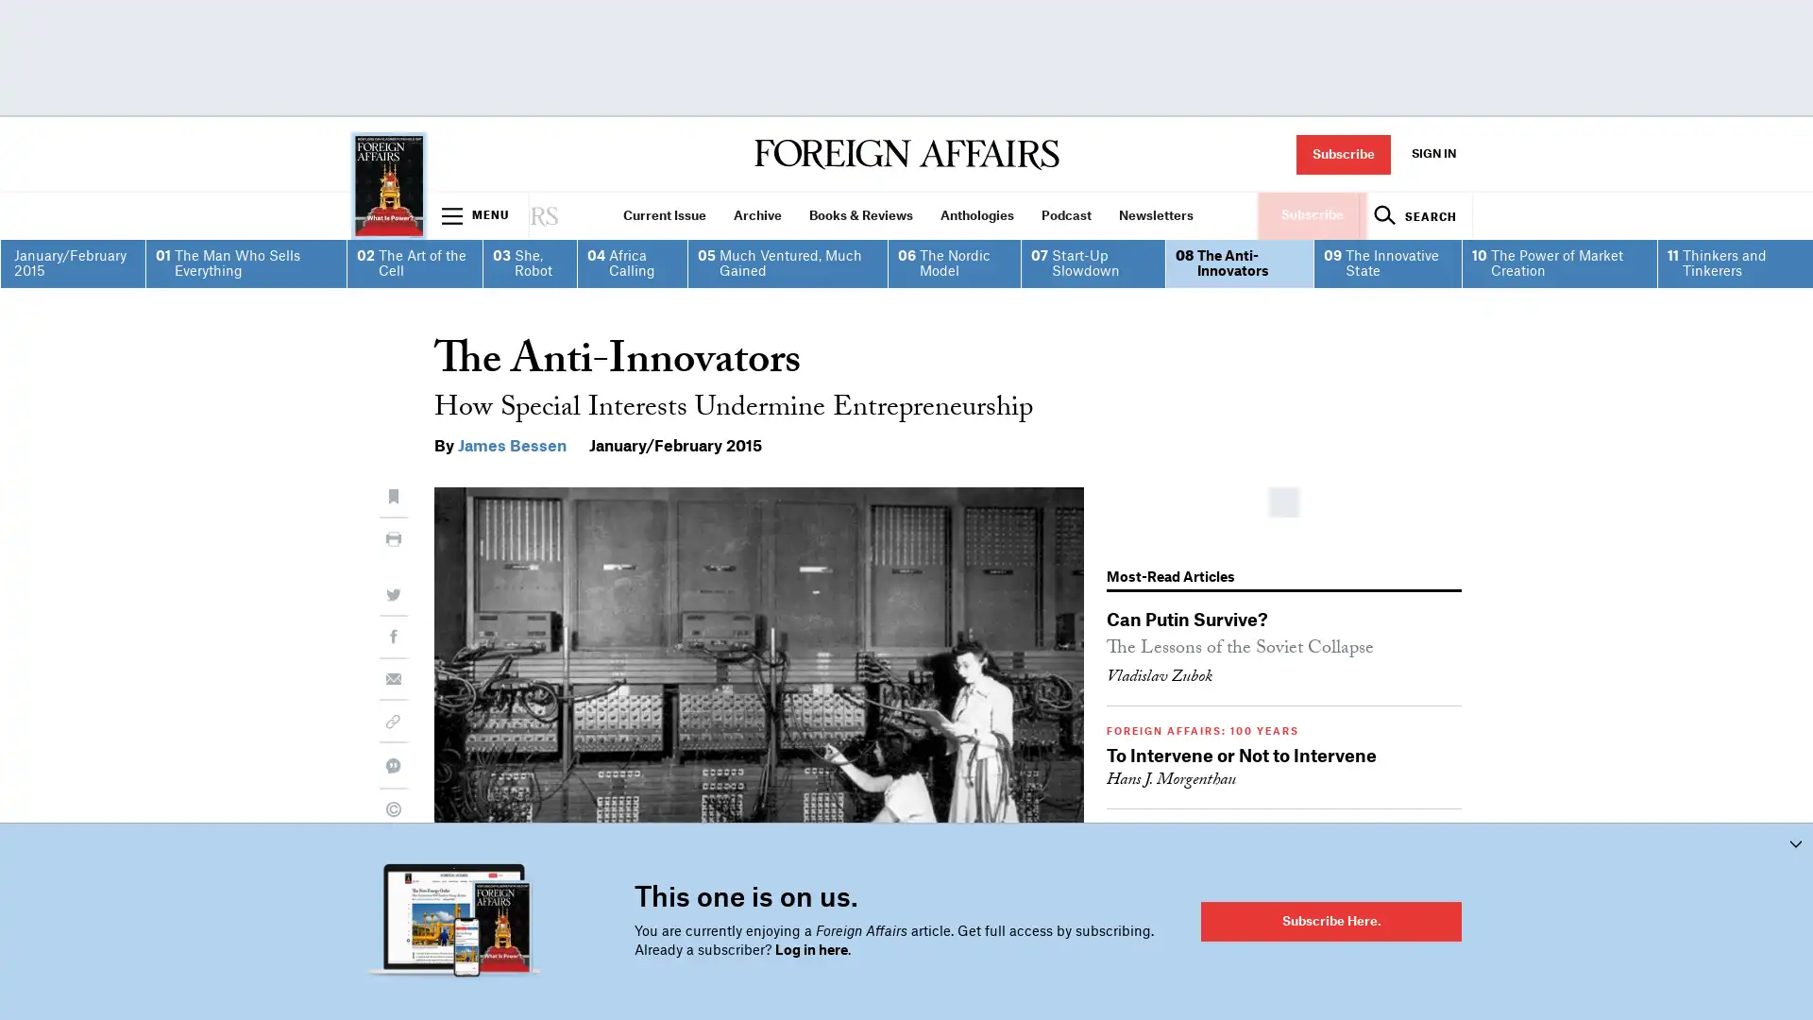 The image size is (1813, 1020). Describe the element at coordinates (1155, 214) in the screenshot. I see `Newsletters` at that location.